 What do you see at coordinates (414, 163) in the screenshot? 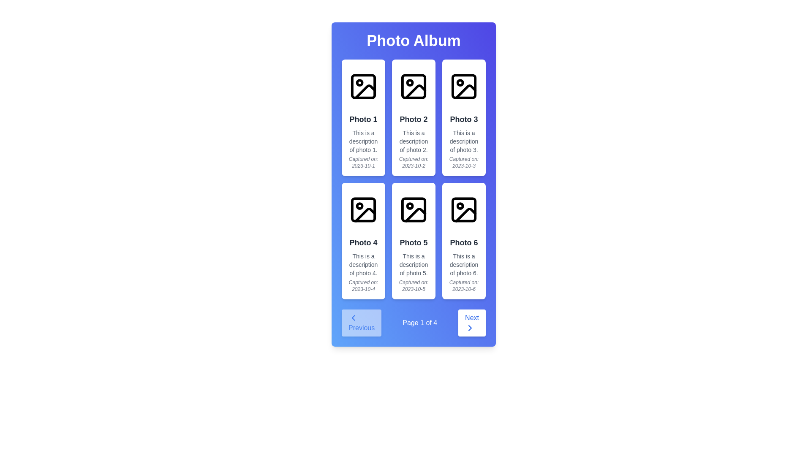
I see `the informational text label indicating the date associated with the item described in the card labeled 'Photo 2', located in the second column of the top row in a grid layout` at bounding box center [414, 163].